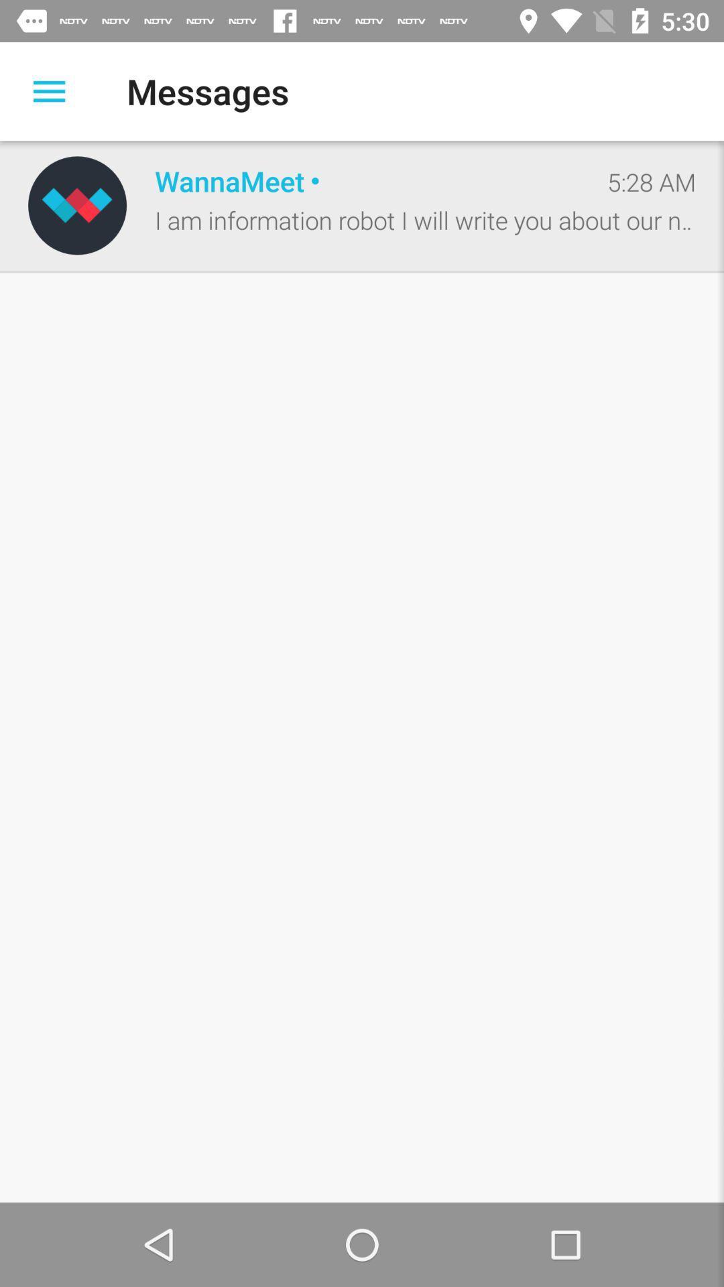  I want to click on the icon next to the 5:28 am icon, so click(367, 180).